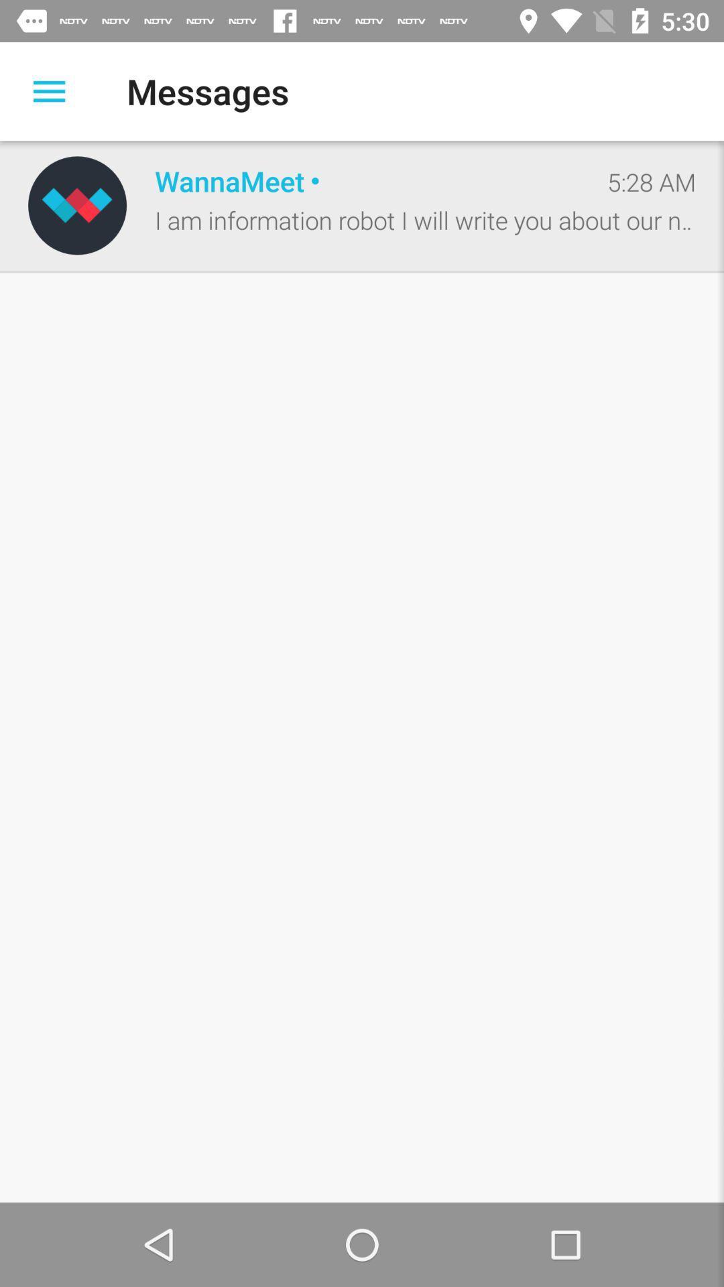  I want to click on the icon next to the 5:28 am icon, so click(367, 180).